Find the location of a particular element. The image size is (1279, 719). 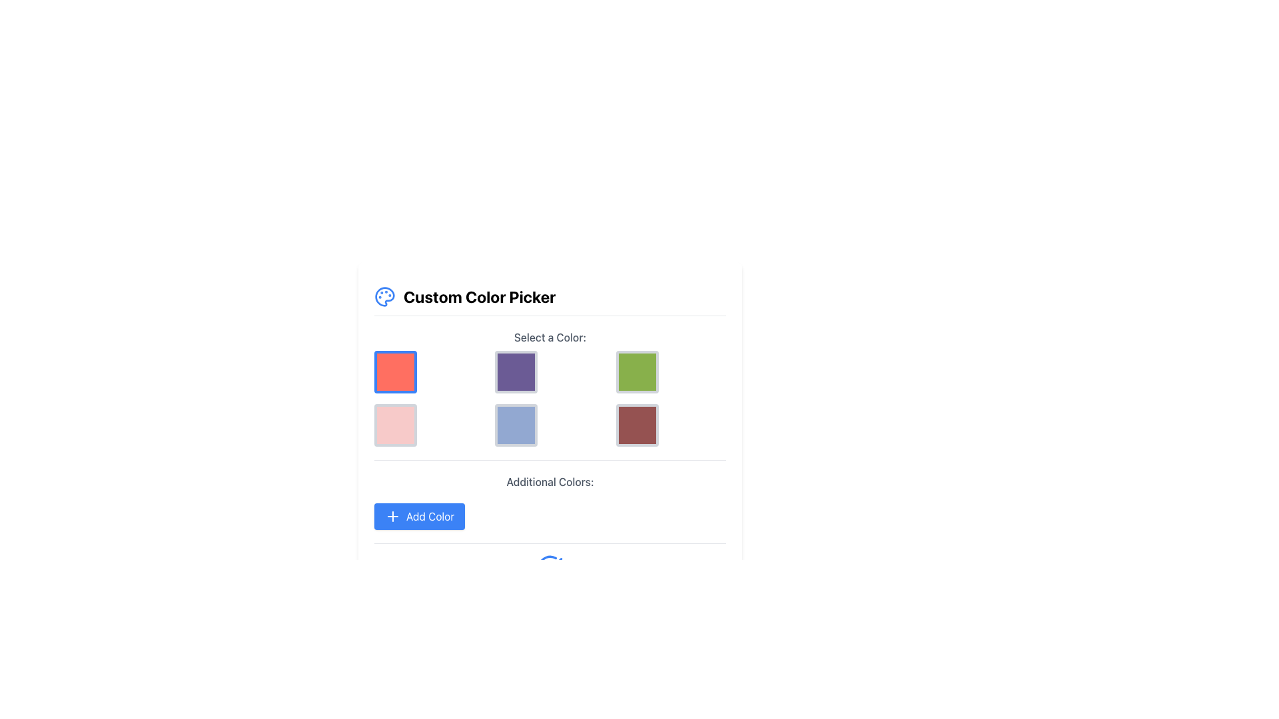

the icon representing the 'Custom Color Picker' tool located next to the header labeled 'Custom Color Picker' is located at coordinates (384, 296).